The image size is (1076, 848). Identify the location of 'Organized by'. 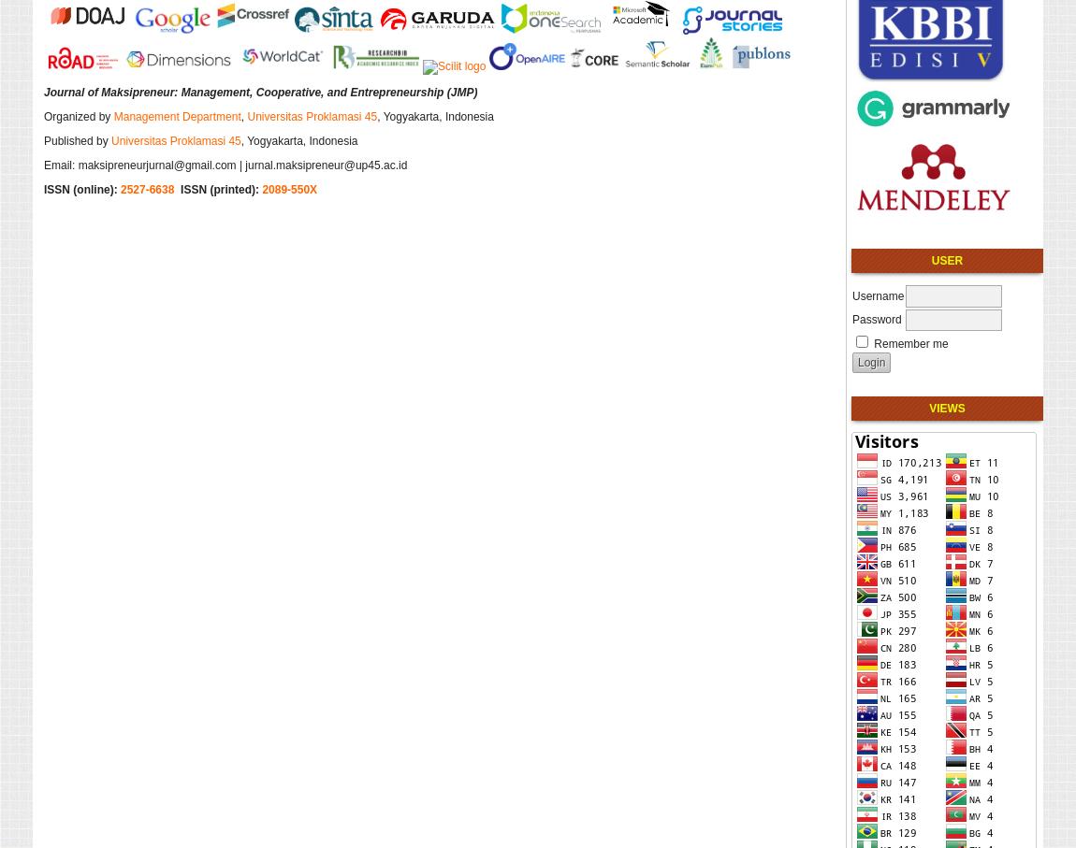
(77, 114).